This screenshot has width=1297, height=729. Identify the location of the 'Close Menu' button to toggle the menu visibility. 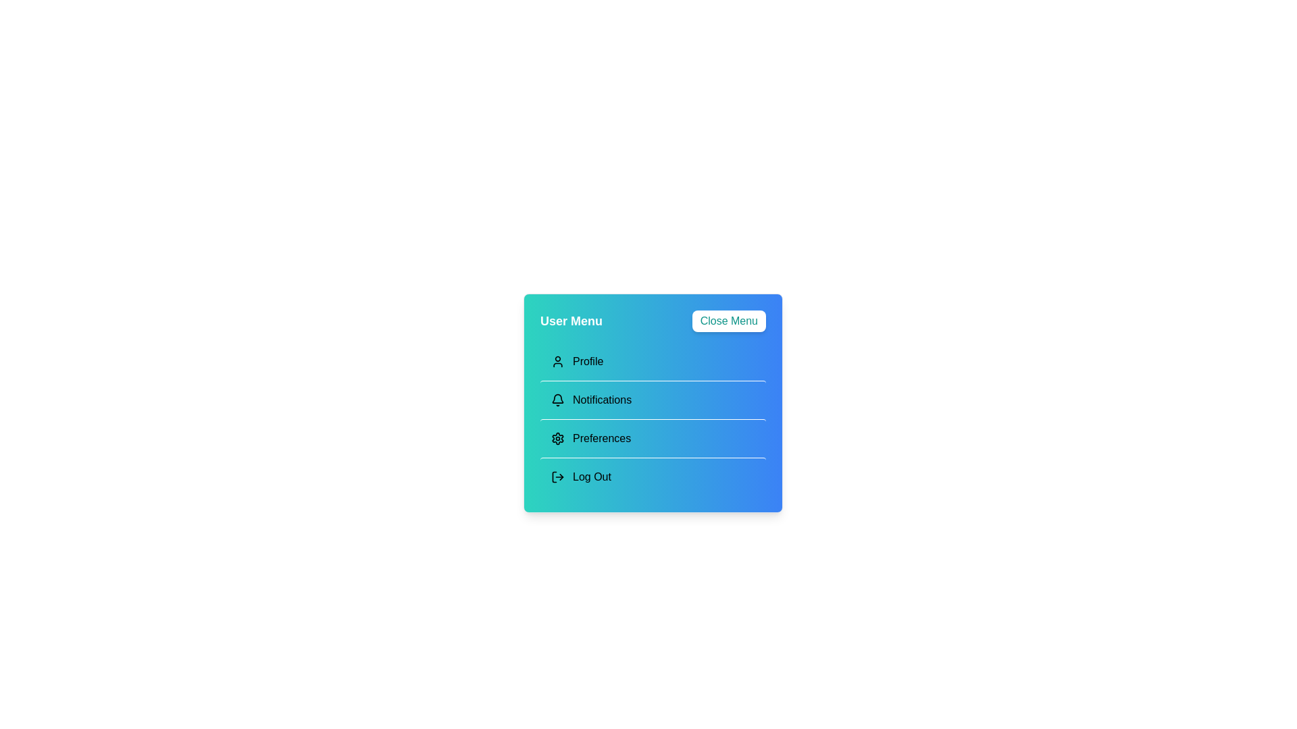
(728, 321).